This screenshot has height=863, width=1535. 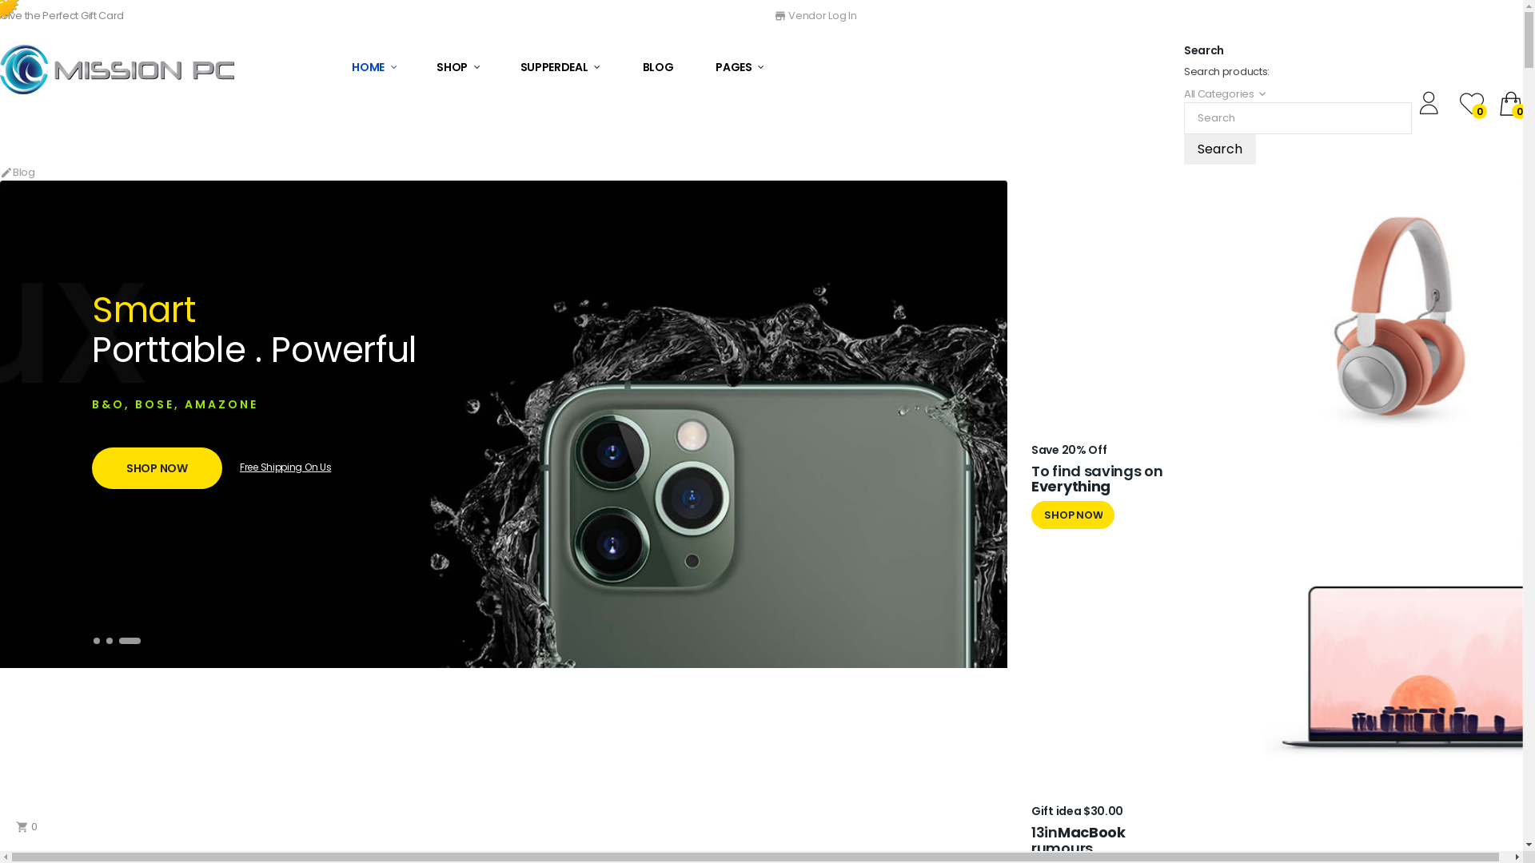 I want to click on 'store Vendor Log In', so click(x=815, y=15).